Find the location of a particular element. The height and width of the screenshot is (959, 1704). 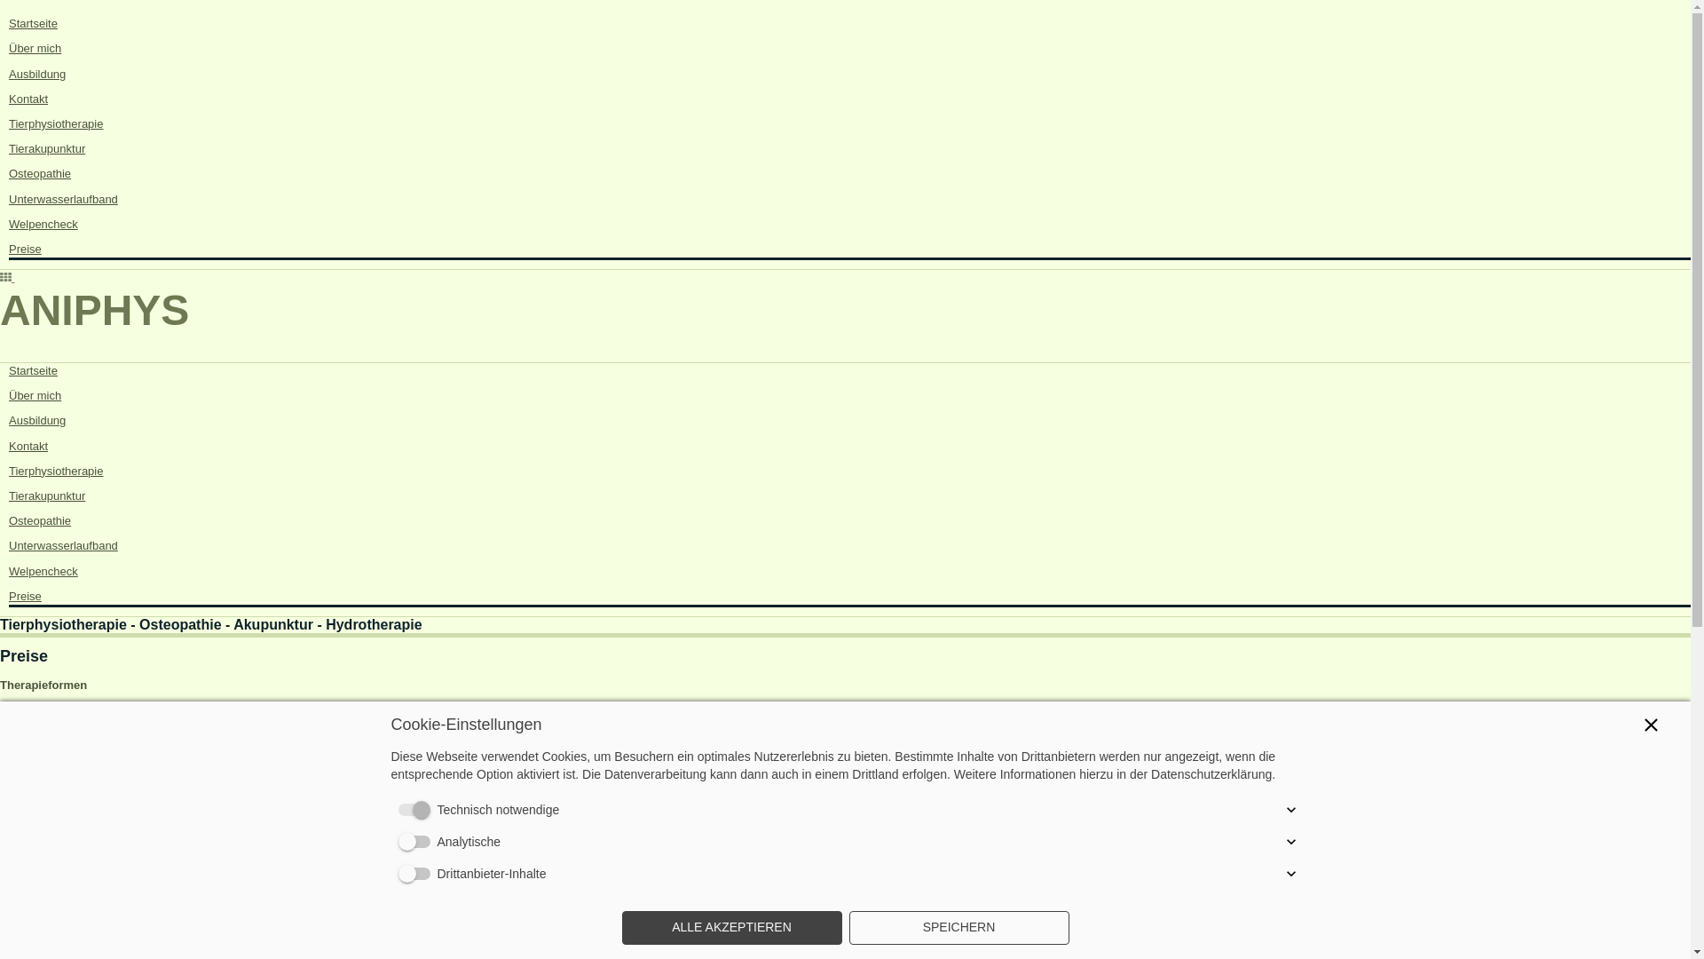

'Startseite' is located at coordinates (33, 369).